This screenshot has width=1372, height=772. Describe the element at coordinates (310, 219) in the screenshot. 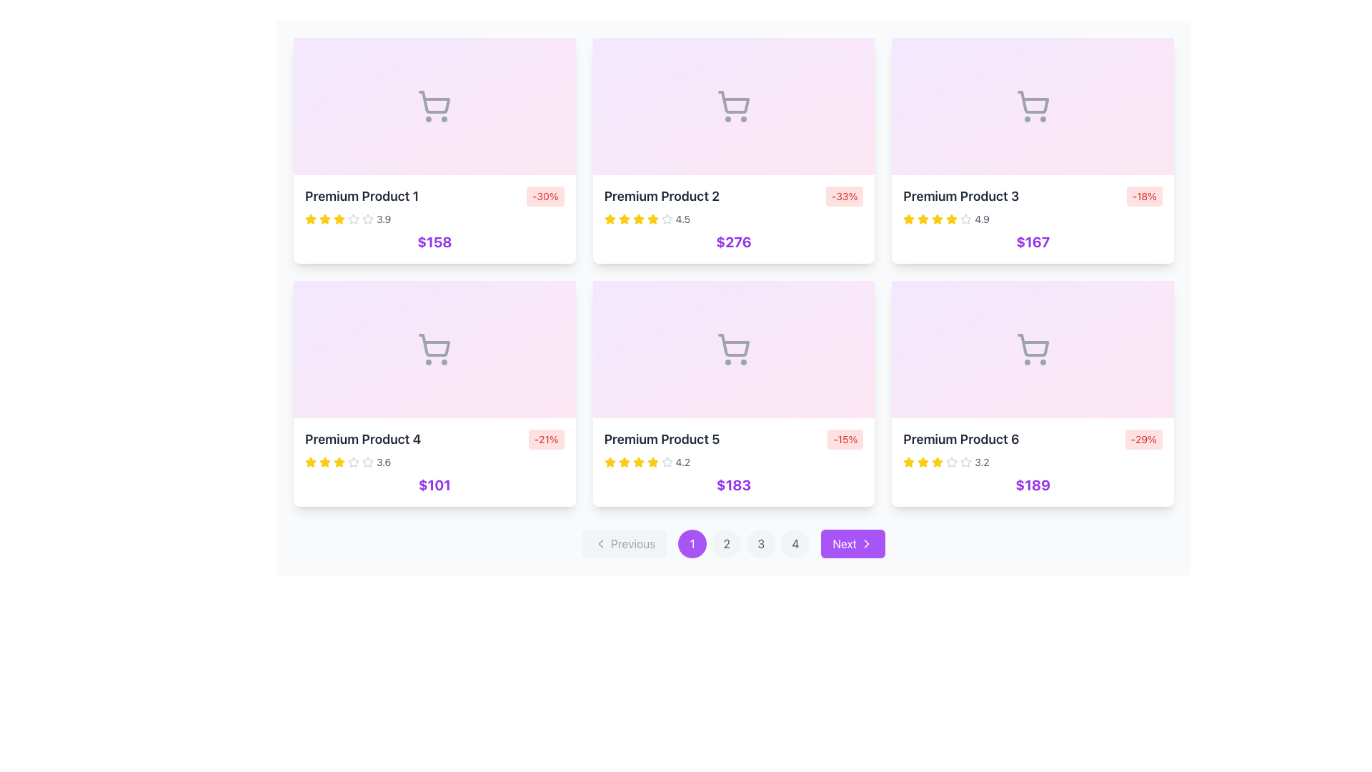

I see `the filled yellow star icon used for rating, located just below the title 'Premium Product 1' in the top-left card of the product grid` at that location.